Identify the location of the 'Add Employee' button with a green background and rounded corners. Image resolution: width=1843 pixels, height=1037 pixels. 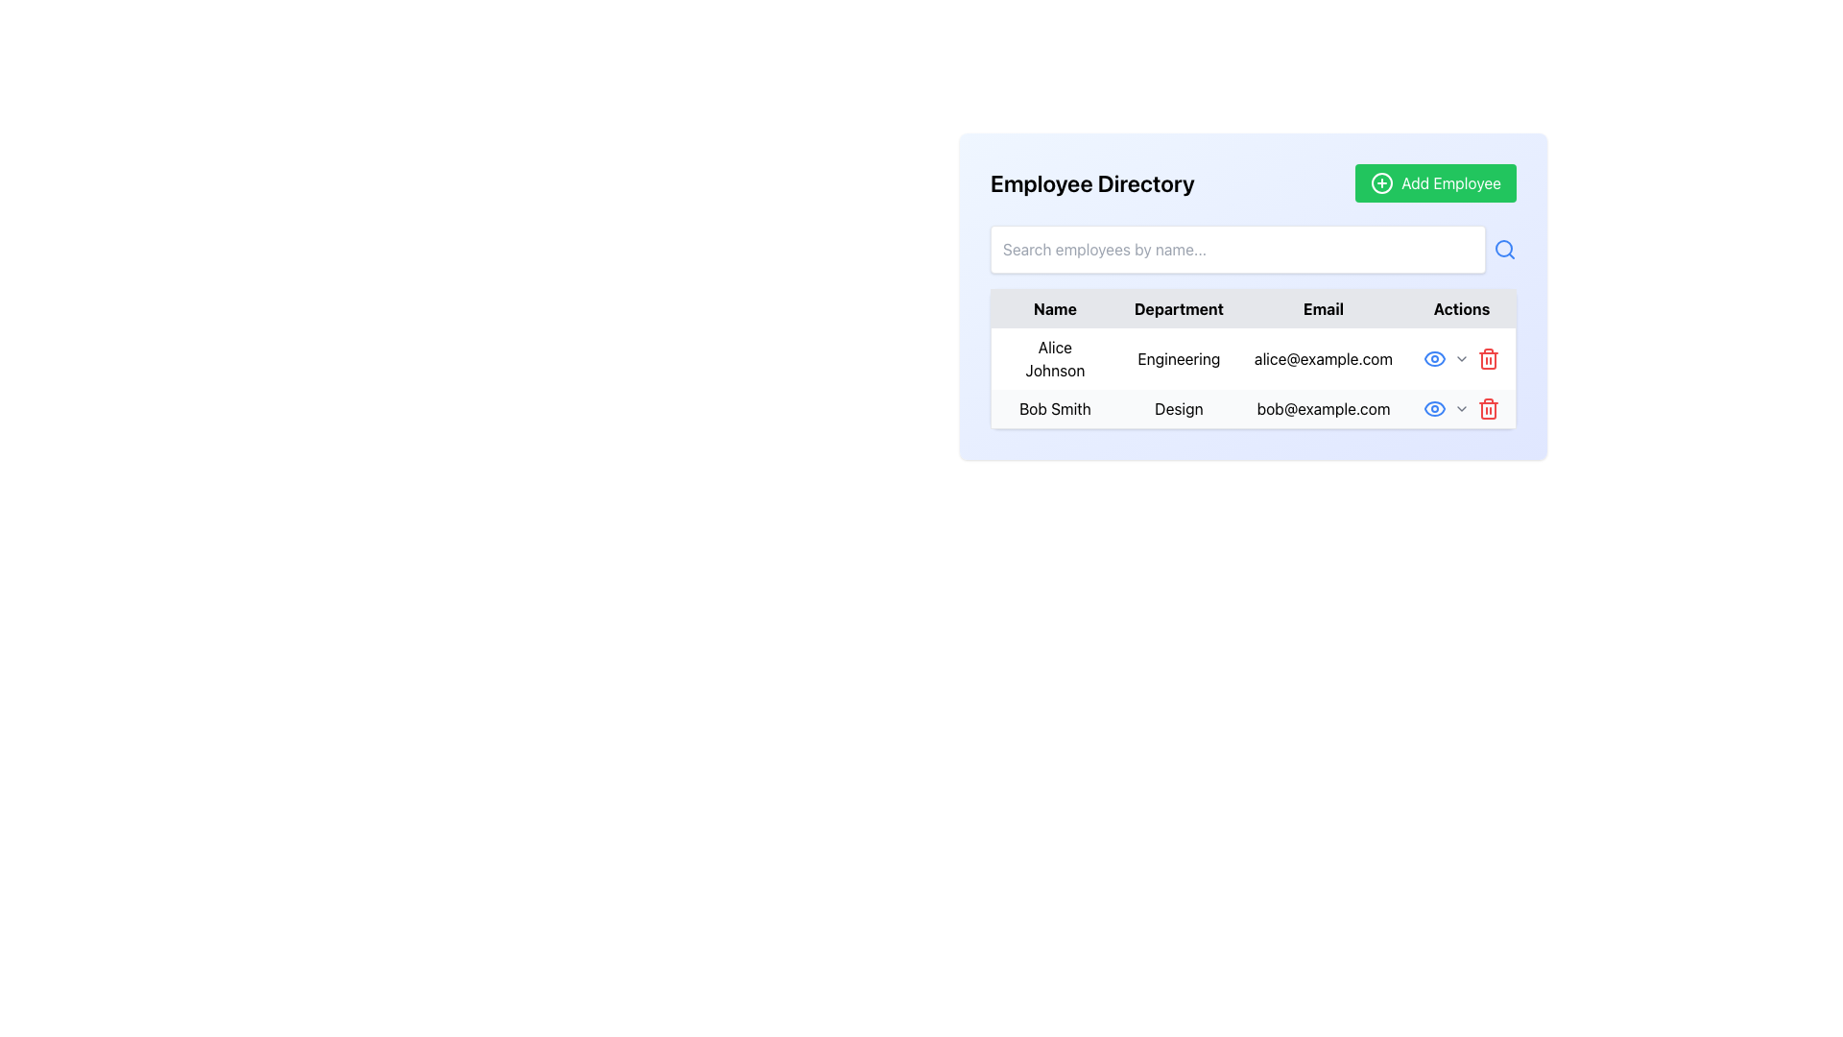
(1436, 183).